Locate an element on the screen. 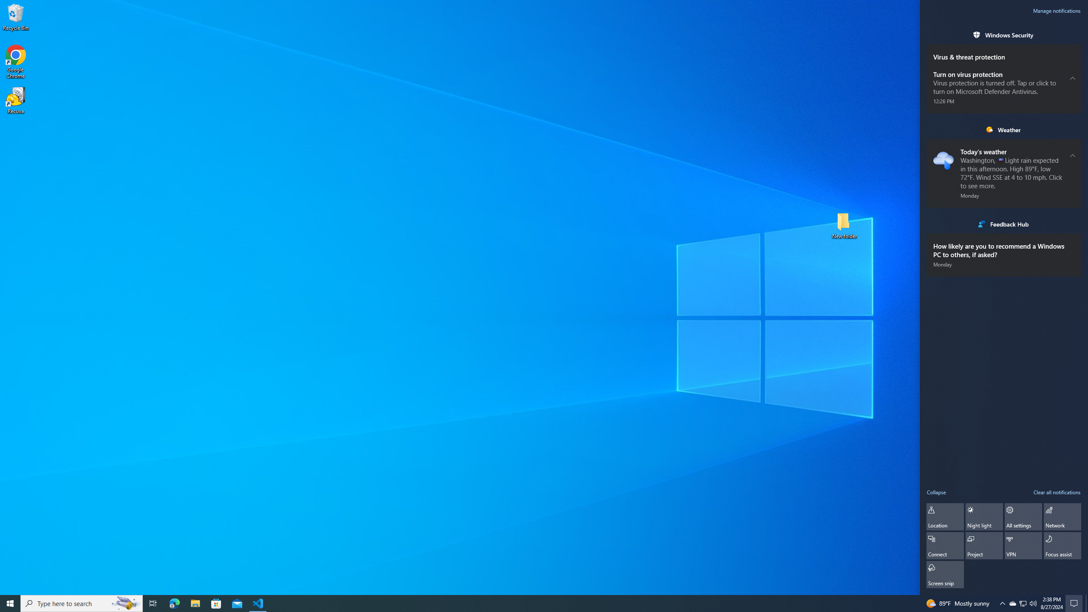  'Network' is located at coordinates (1062, 516).